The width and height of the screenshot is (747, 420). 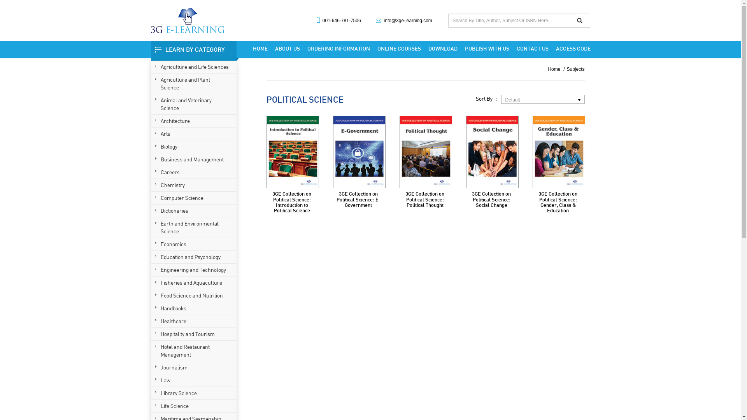 I want to click on 'Healthcare', so click(x=194, y=321).